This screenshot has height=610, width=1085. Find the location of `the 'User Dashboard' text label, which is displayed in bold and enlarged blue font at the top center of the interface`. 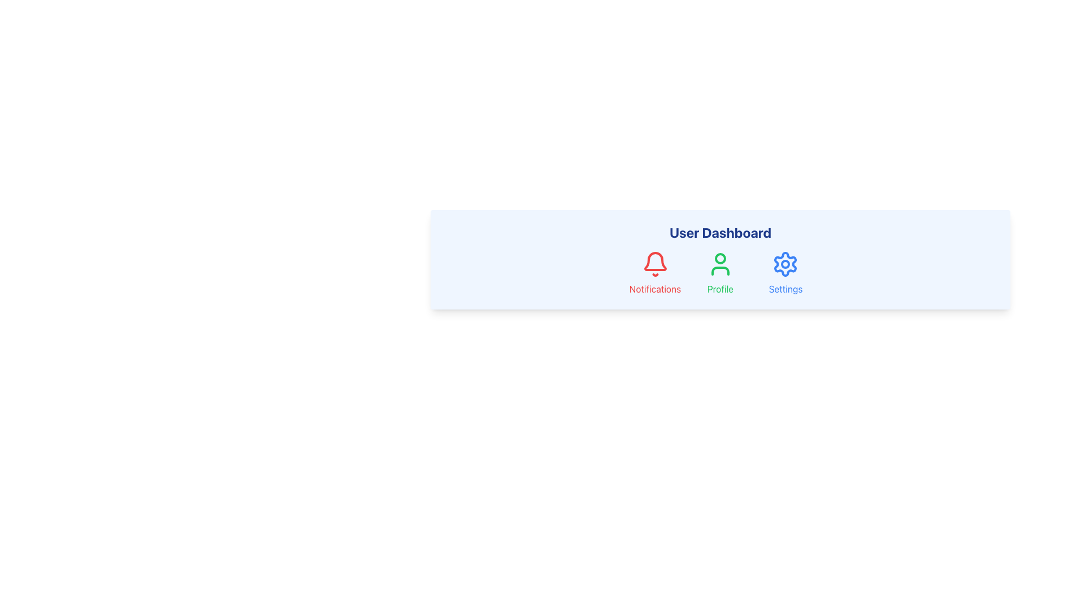

the 'User Dashboard' text label, which is displayed in bold and enlarged blue font at the top center of the interface is located at coordinates (720, 232).